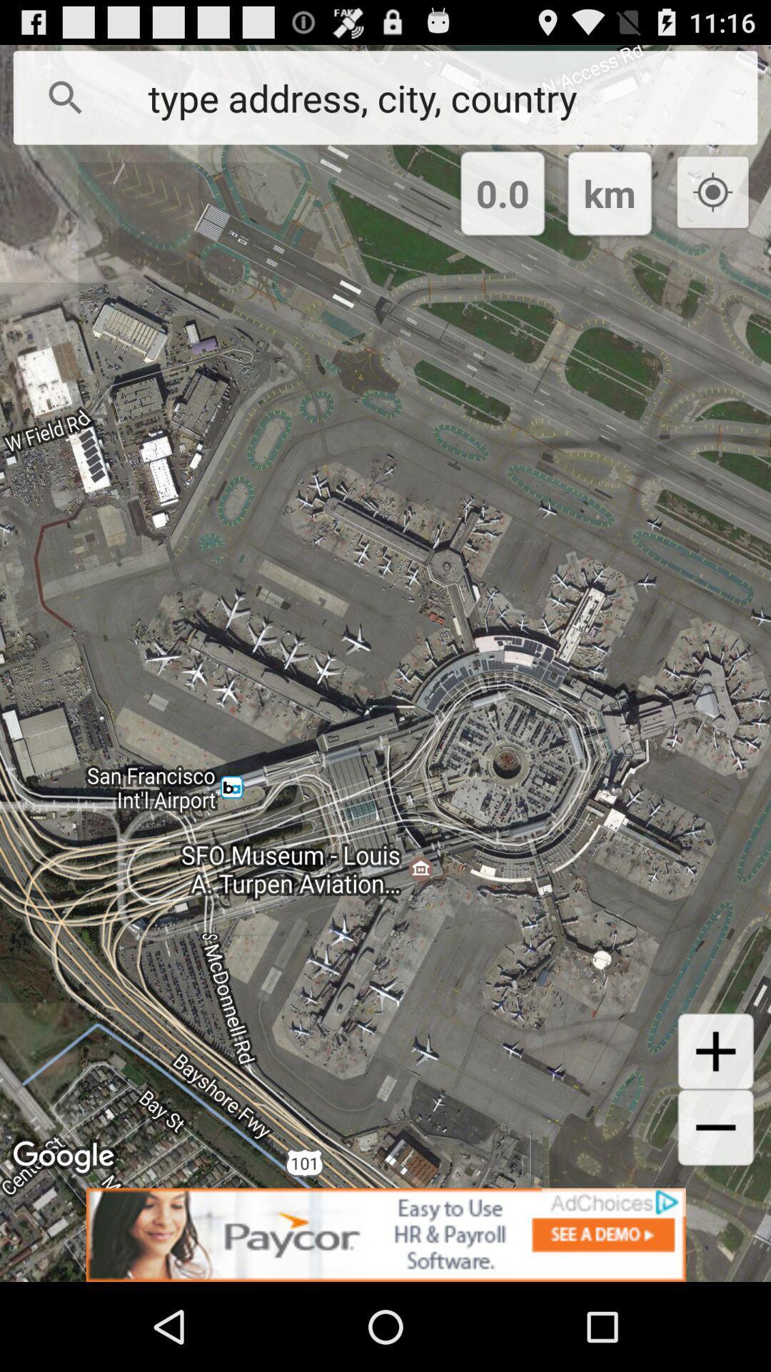 Image resolution: width=771 pixels, height=1372 pixels. Describe the element at coordinates (715, 1127) in the screenshot. I see `zoom out option` at that location.